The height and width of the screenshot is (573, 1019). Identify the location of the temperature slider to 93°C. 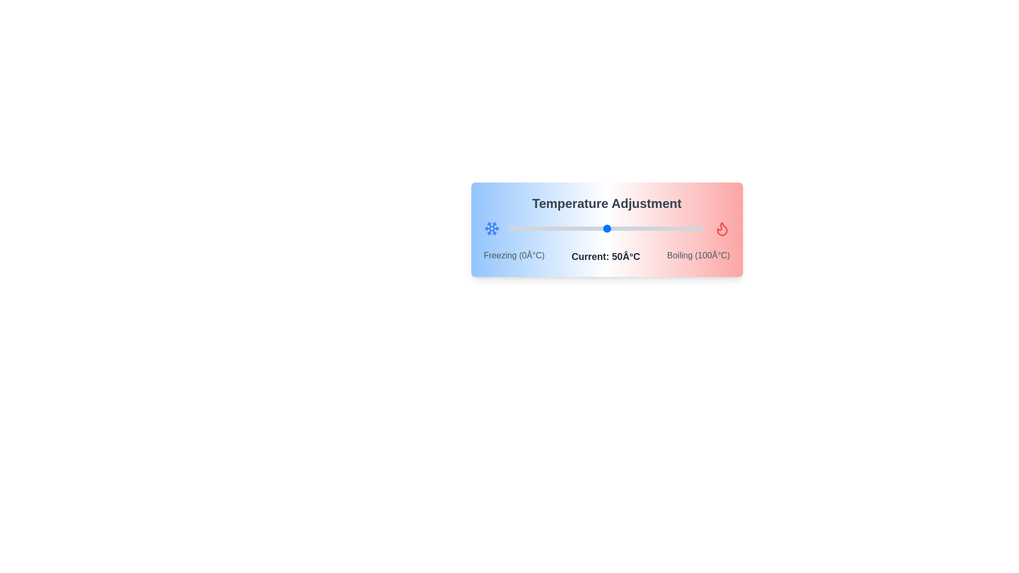
(692, 228).